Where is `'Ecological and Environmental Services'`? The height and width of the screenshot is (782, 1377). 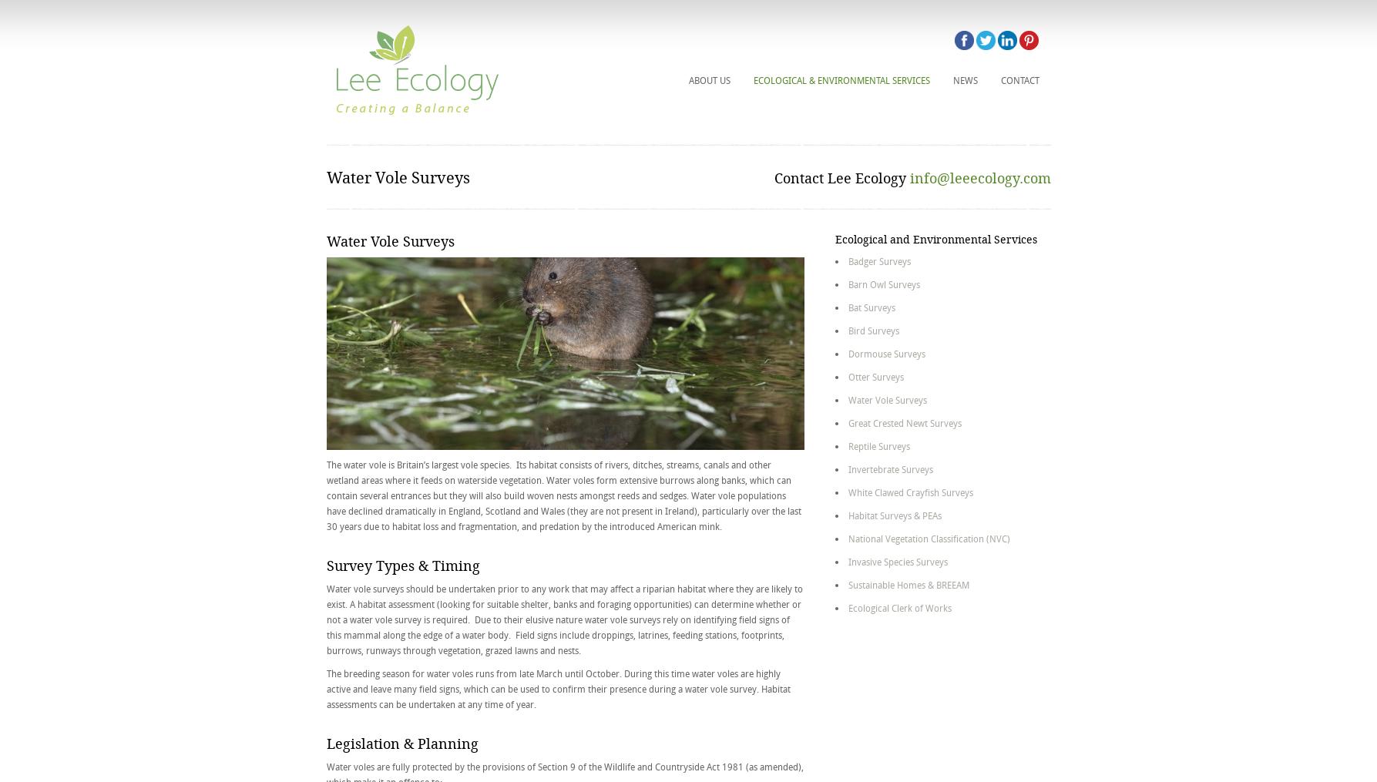 'Ecological and Environmental Services' is located at coordinates (935, 238).